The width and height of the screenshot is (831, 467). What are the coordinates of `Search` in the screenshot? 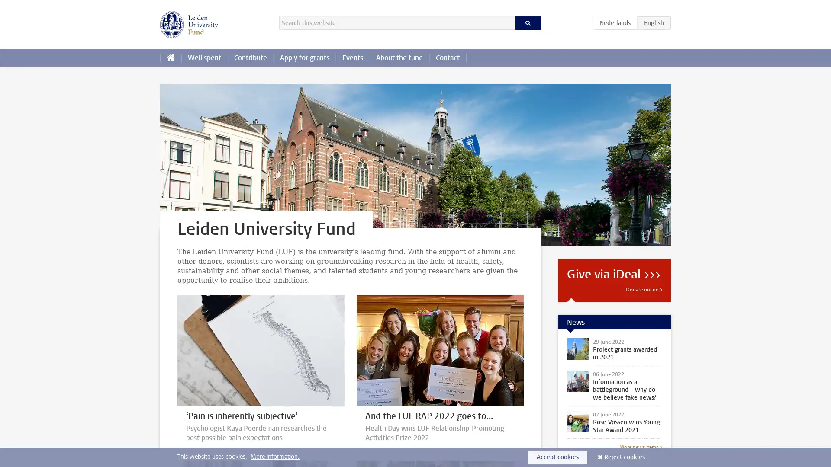 It's located at (527, 22).